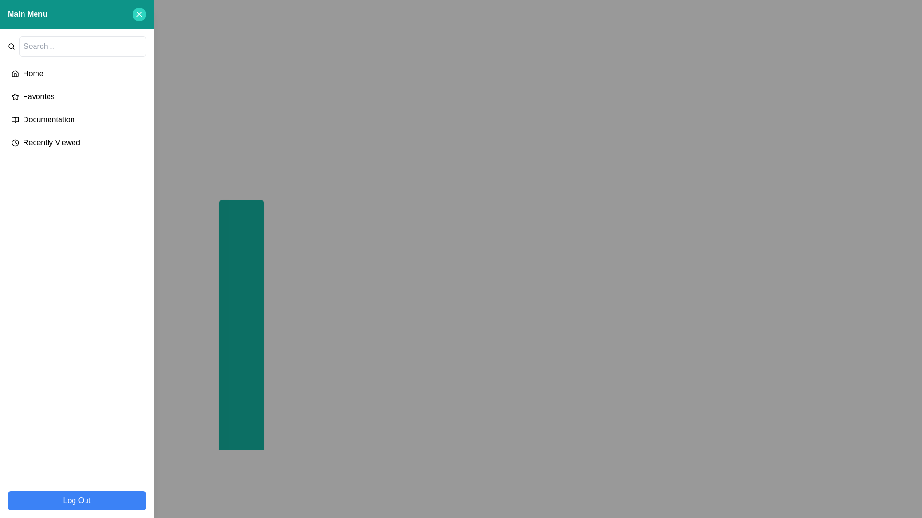  Describe the element at coordinates (138, 14) in the screenshot. I see `the circular teal button with a white 'X' icon located in the top-right corner of the green 'Main Menu' bar` at that location.